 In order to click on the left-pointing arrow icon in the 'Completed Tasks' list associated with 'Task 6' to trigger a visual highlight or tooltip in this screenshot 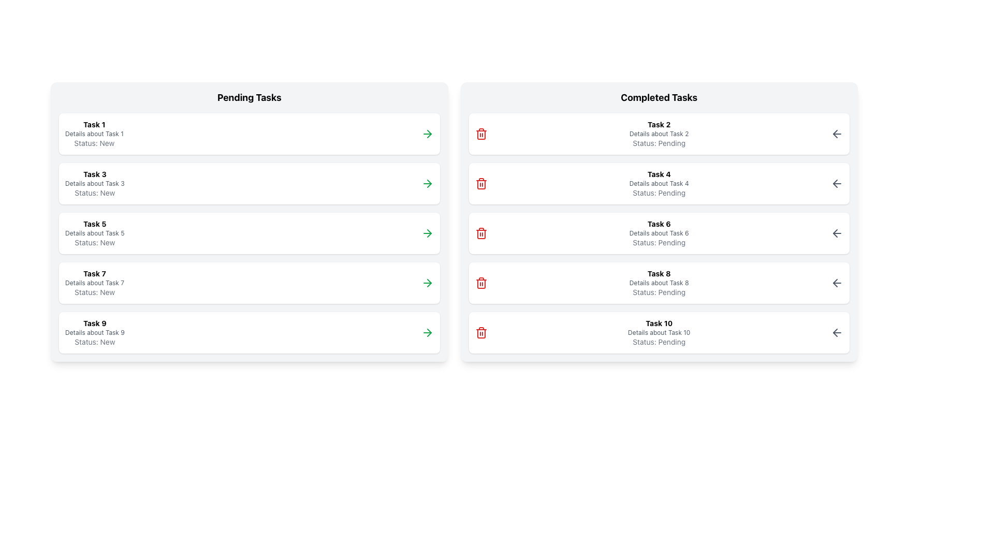, I will do `click(835, 233)`.